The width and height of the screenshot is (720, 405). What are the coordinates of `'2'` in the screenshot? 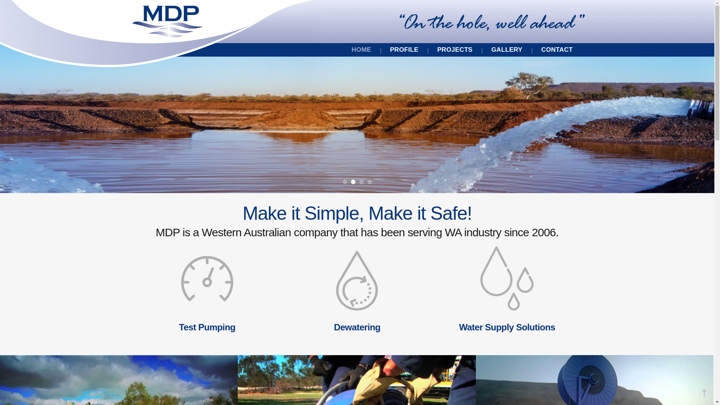 It's located at (352, 182).